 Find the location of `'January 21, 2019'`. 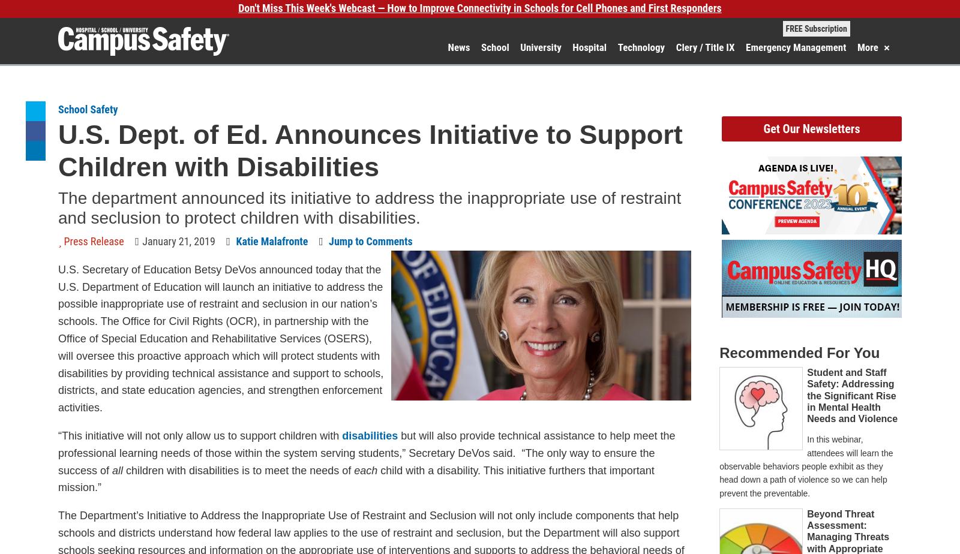

'January 21, 2019' is located at coordinates (178, 240).